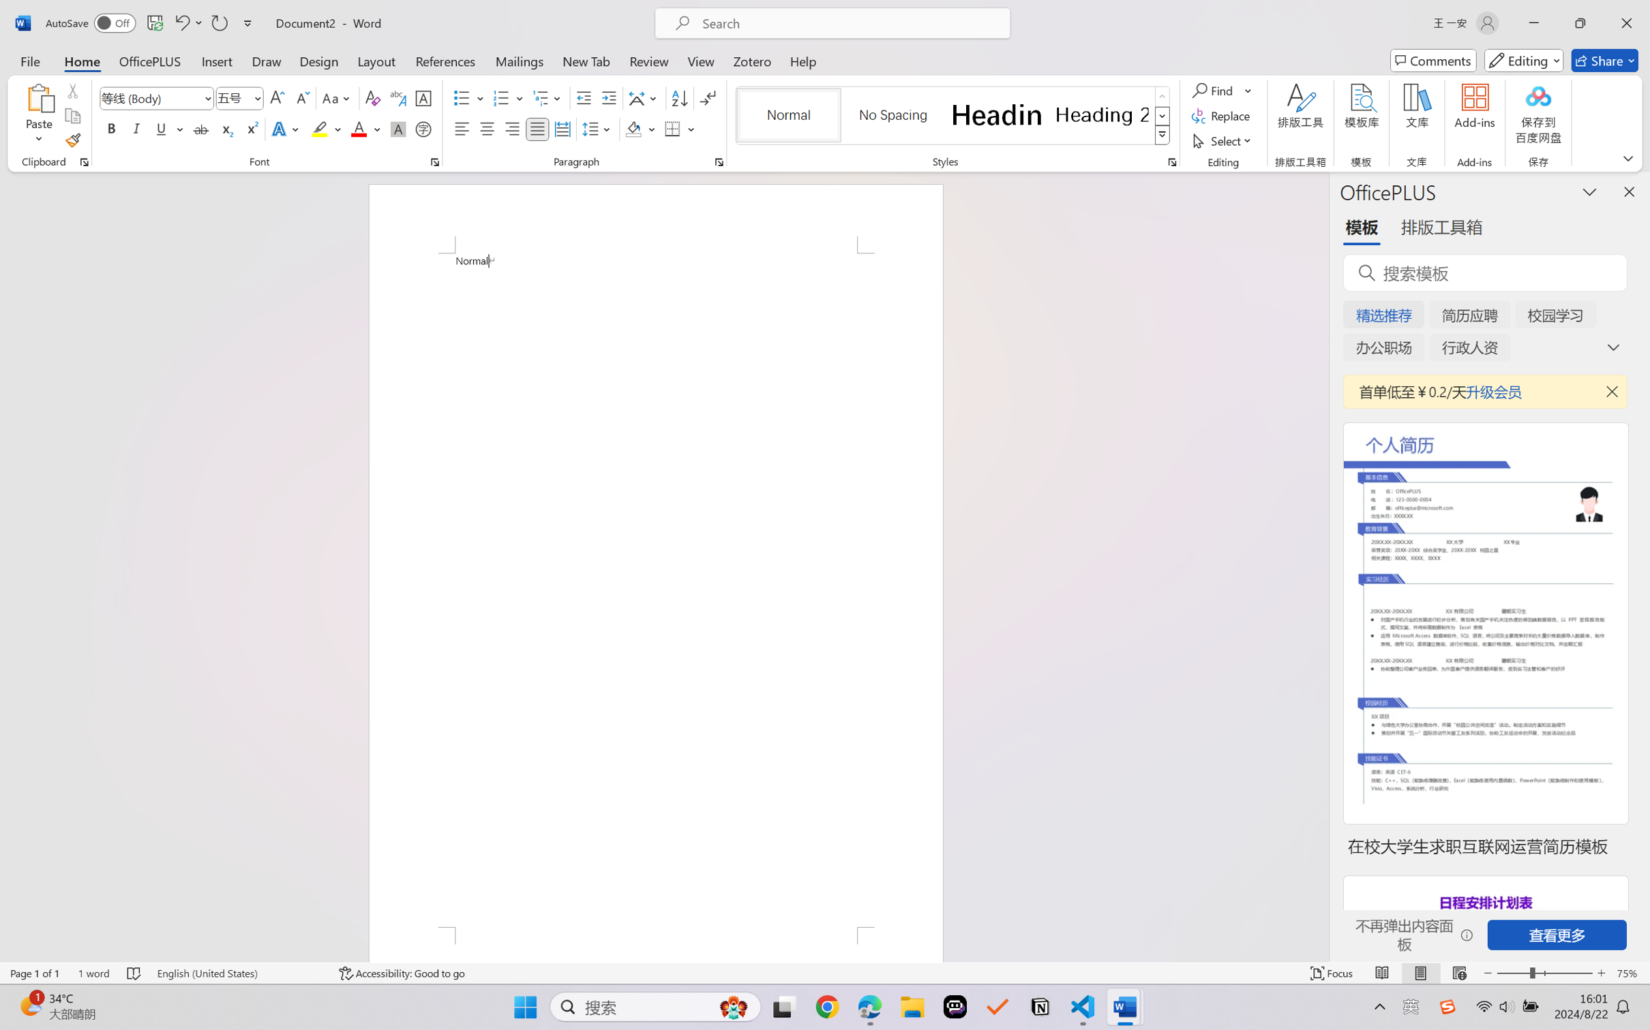 Image resolution: width=1650 pixels, height=1030 pixels. Describe the element at coordinates (250, 128) in the screenshot. I see `'Superscript'` at that location.